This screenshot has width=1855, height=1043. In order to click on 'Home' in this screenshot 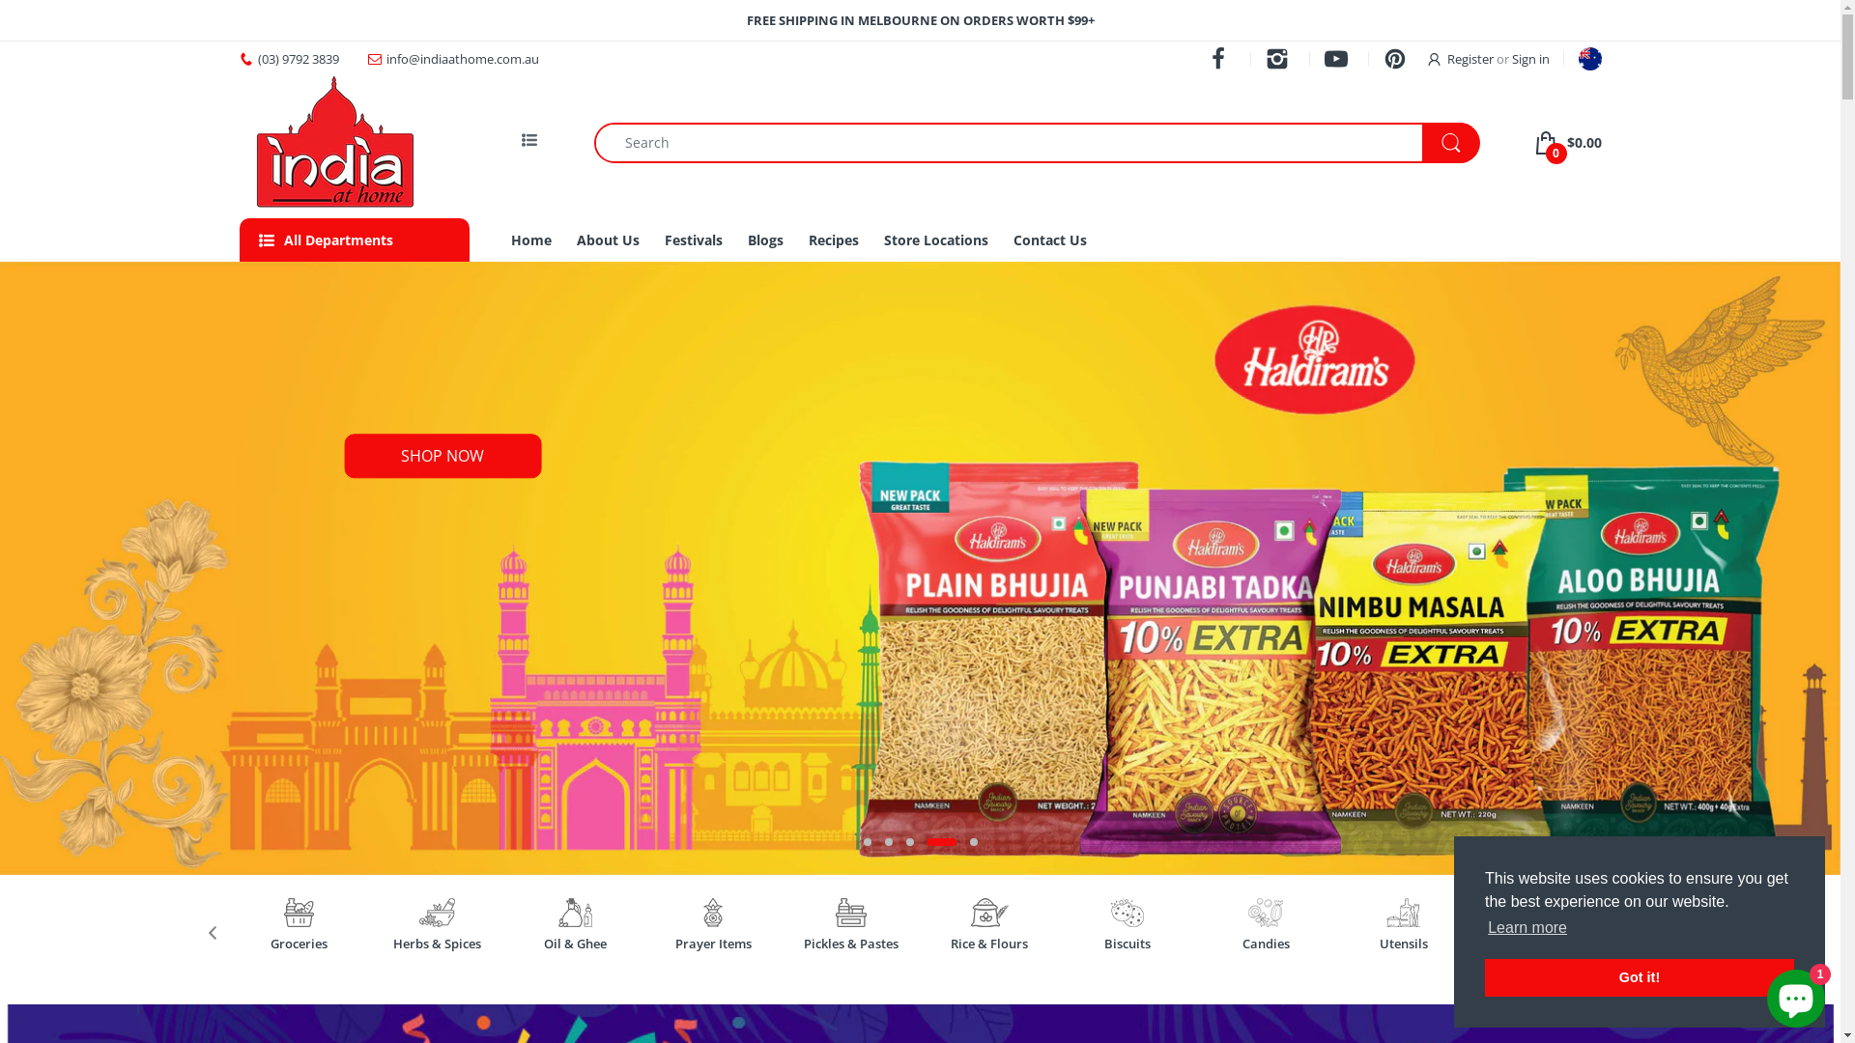, I will do `click(510, 239)`.